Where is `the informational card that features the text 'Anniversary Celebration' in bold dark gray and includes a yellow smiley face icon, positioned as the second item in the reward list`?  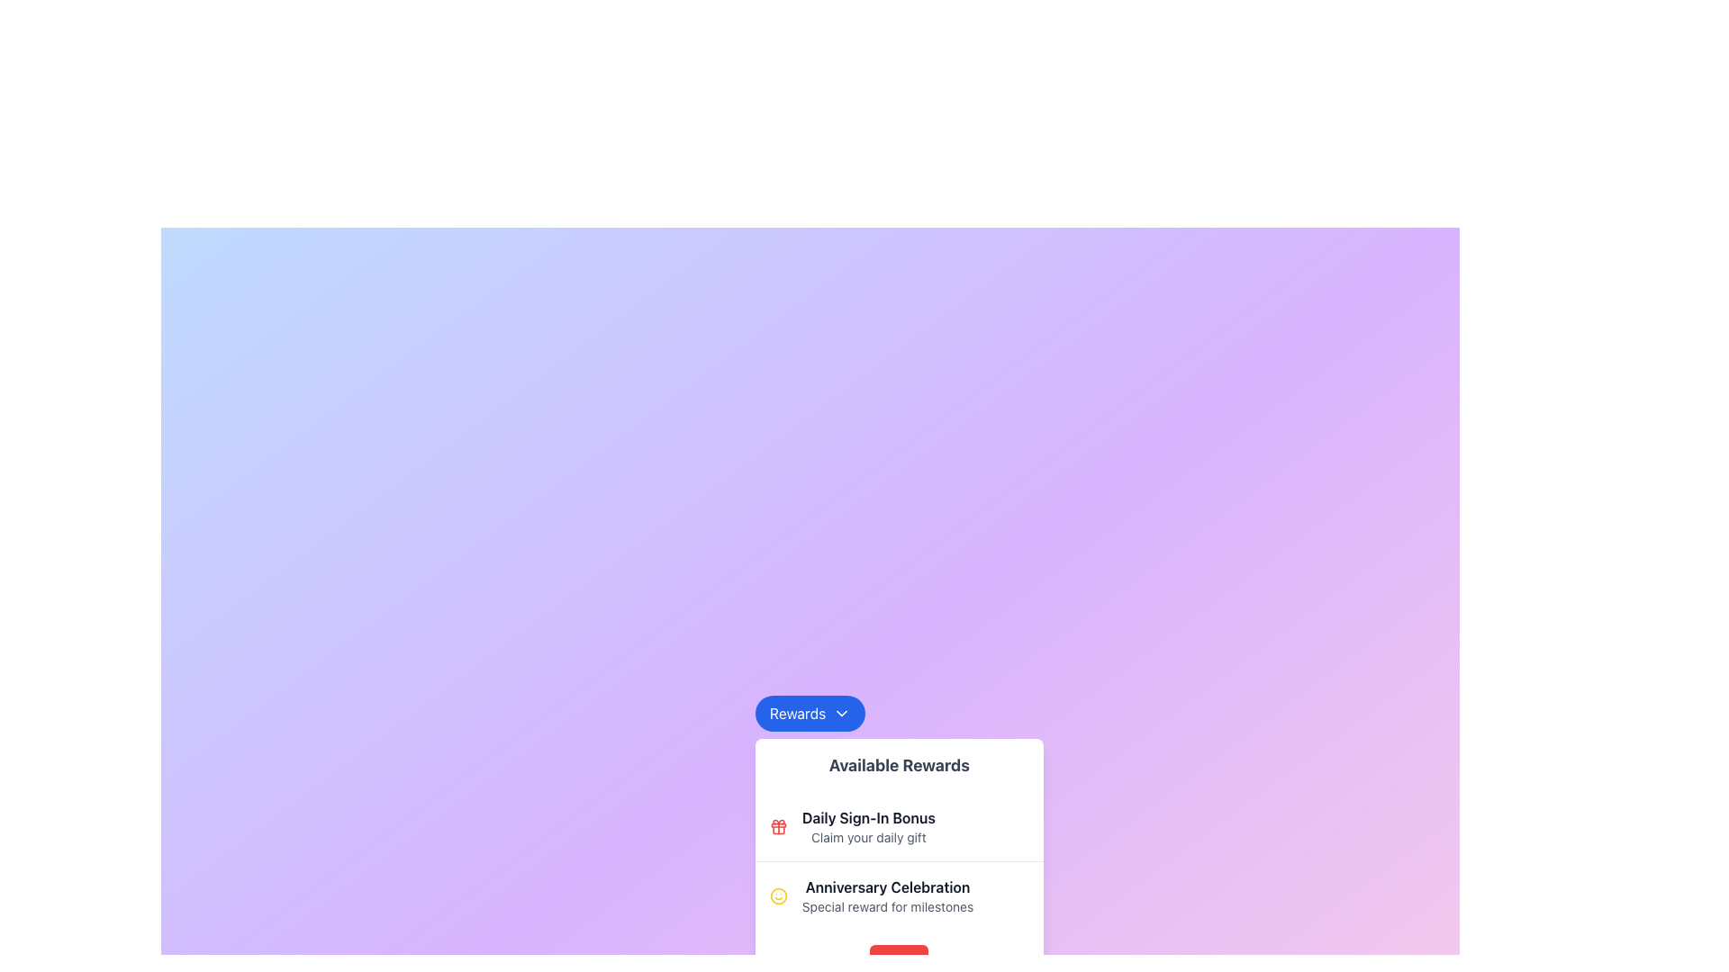 the informational card that features the text 'Anniversary Celebration' in bold dark gray and includes a yellow smiley face icon, positioned as the second item in the reward list is located at coordinates (899, 895).